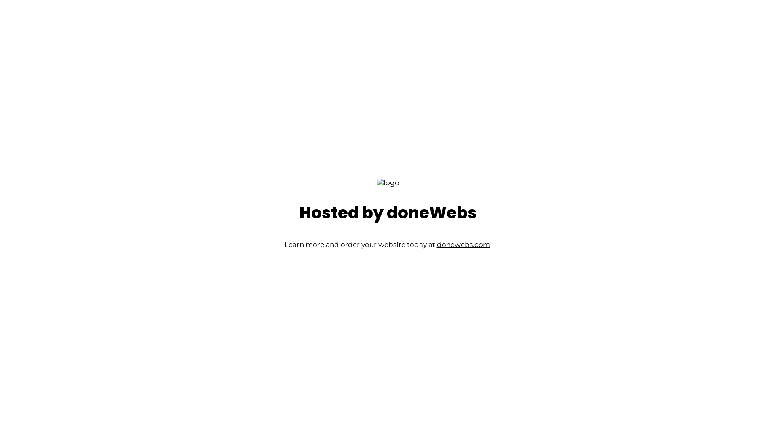 This screenshot has width=776, height=436. Describe the element at coordinates (463, 244) in the screenshot. I see `'donewebs.com'` at that location.